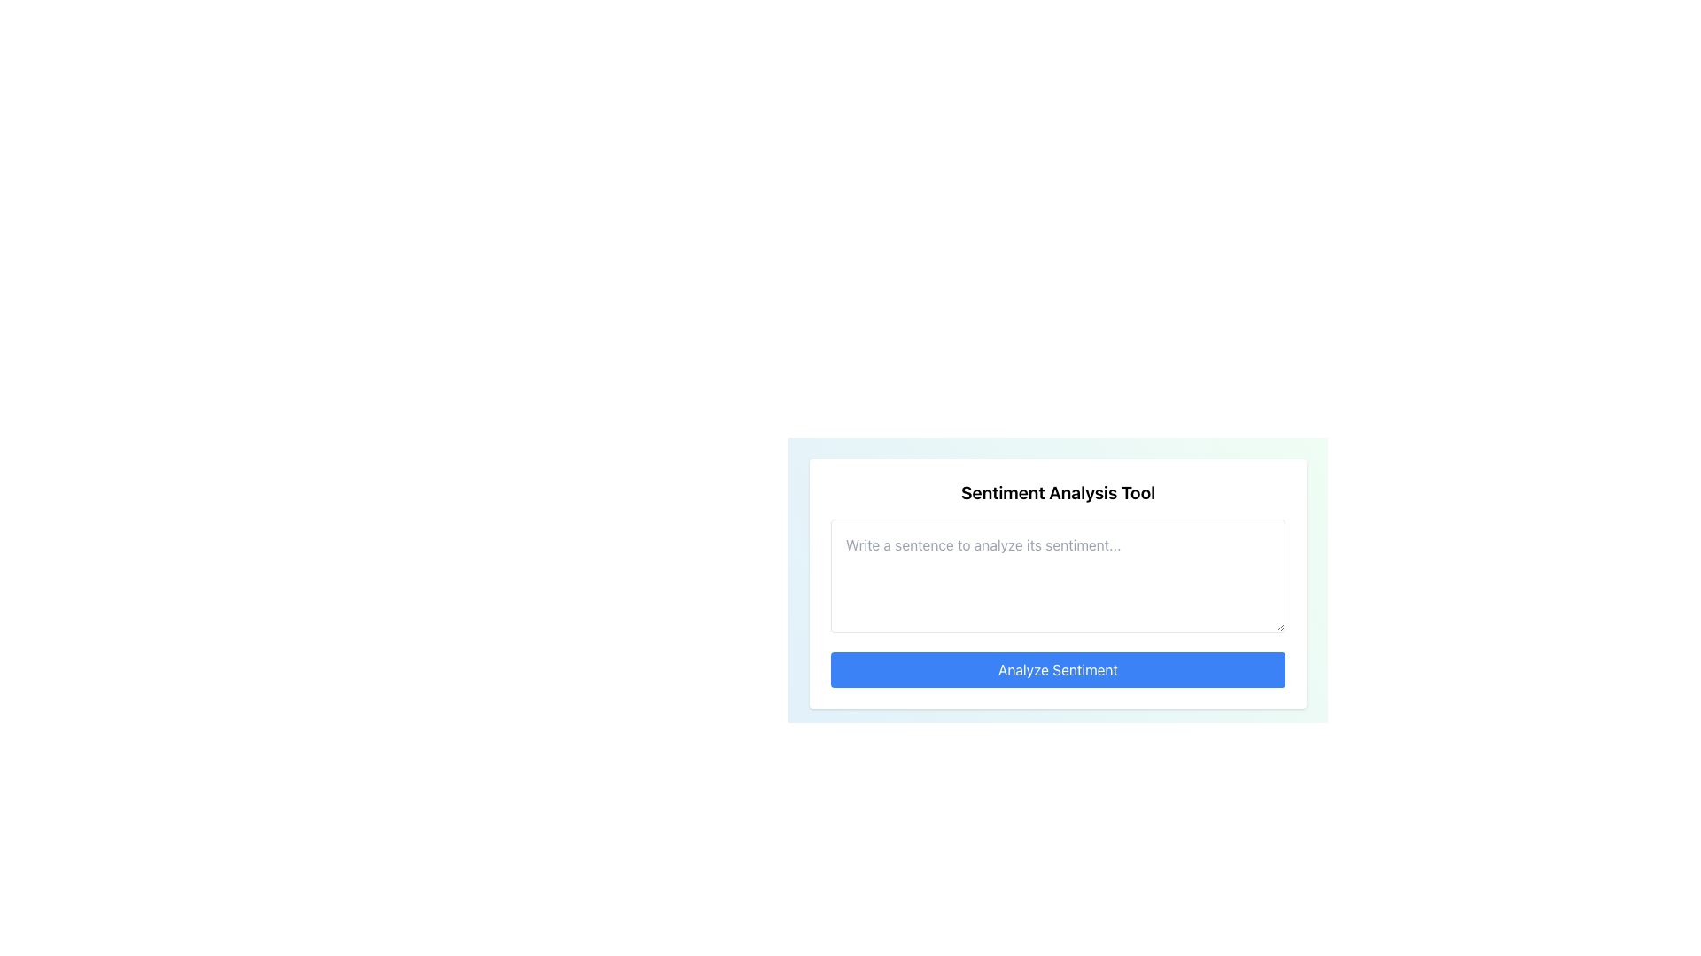  What do you see at coordinates (1058, 492) in the screenshot?
I see `the text label which serves as the title or heading of the sentiment analysis tool interface, positioned above the text input box and button` at bounding box center [1058, 492].